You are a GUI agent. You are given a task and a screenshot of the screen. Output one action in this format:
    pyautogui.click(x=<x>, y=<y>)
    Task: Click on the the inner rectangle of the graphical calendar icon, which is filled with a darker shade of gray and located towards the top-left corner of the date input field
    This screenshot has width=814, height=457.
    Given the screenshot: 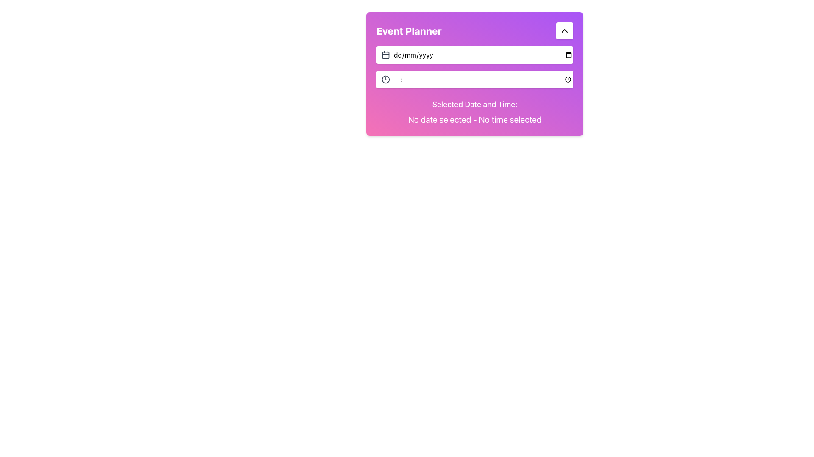 What is the action you would take?
    pyautogui.click(x=385, y=55)
    